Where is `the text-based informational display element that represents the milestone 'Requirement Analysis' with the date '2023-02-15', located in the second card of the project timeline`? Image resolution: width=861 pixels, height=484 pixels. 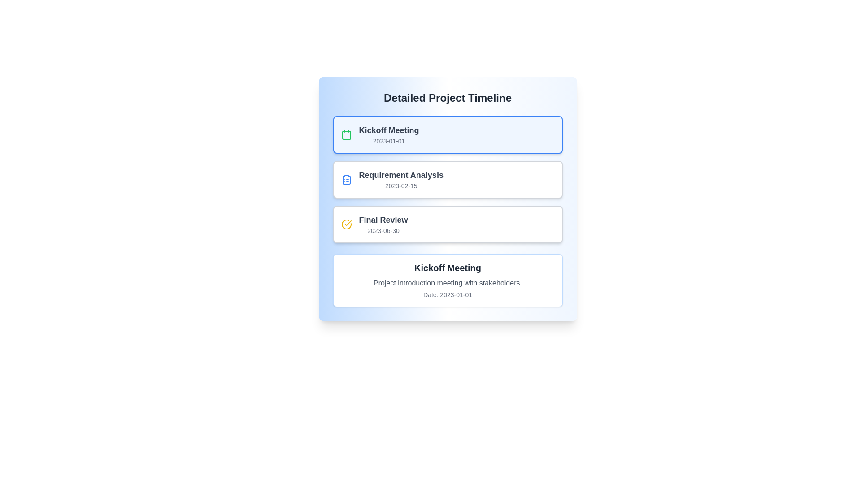
the text-based informational display element that represents the milestone 'Requirement Analysis' with the date '2023-02-15', located in the second card of the project timeline is located at coordinates (400, 180).